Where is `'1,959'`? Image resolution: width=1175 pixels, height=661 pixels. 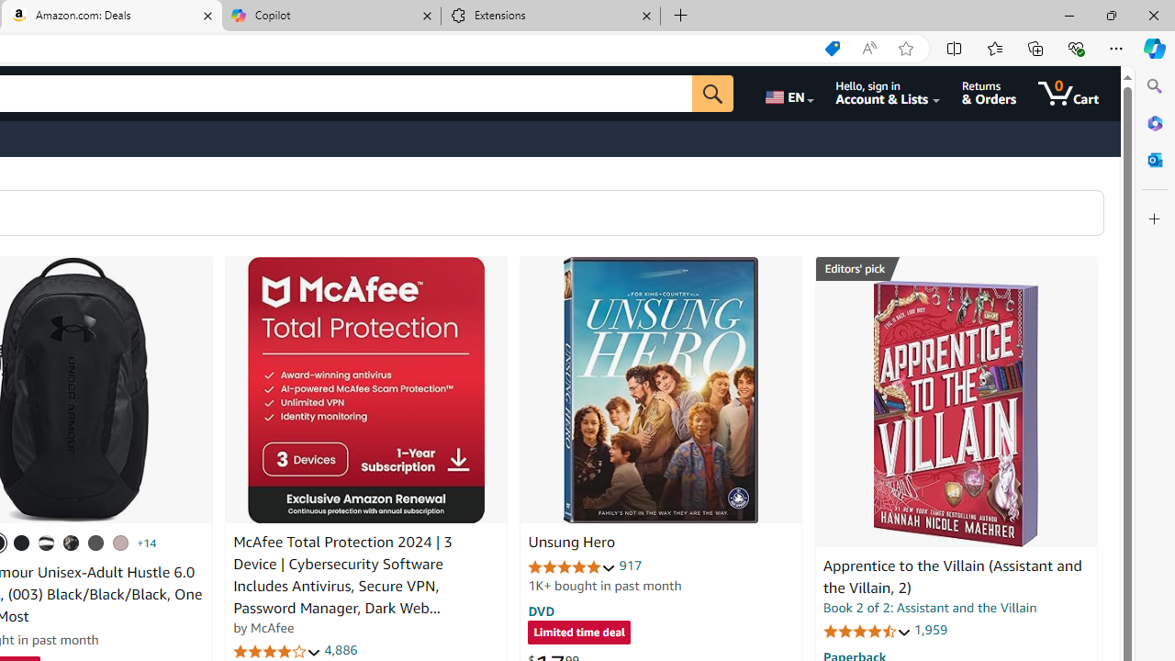
'1,959' is located at coordinates (930, 629).